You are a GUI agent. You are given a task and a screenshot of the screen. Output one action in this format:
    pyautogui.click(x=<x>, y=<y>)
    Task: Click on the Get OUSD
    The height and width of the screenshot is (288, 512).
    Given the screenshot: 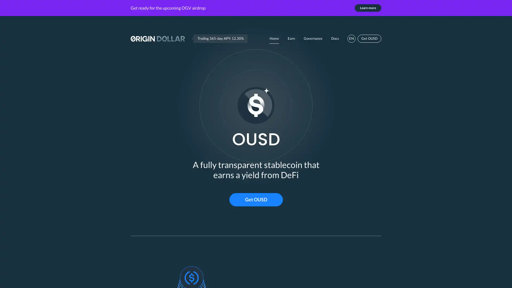 What is the action you would take?
    pyautogui.click(x=255, y=199)
    